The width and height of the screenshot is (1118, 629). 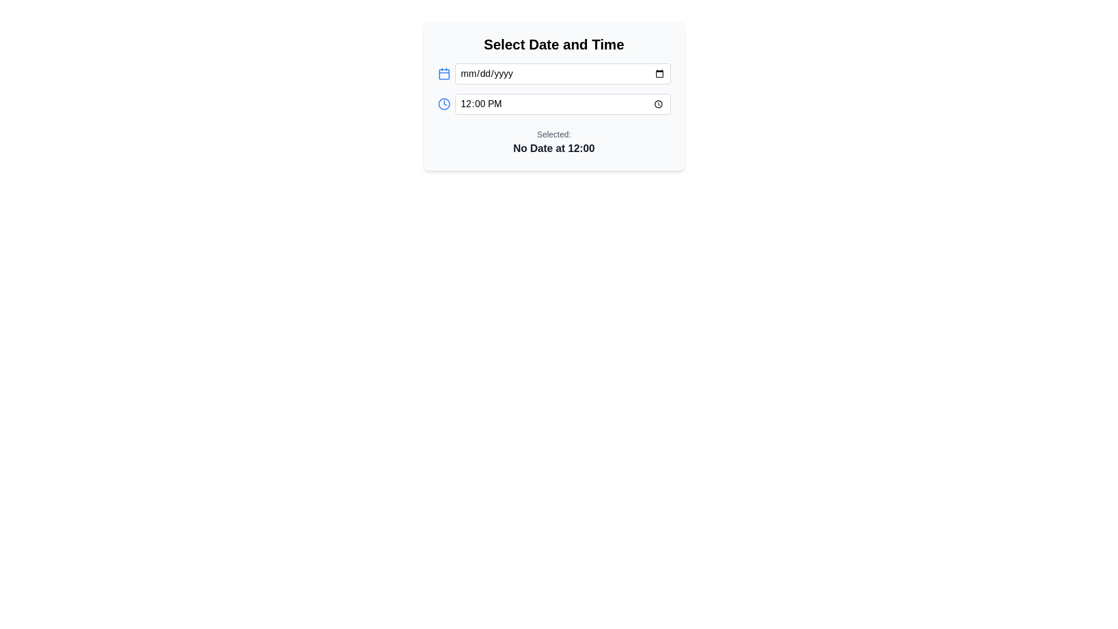 What do you see at coordinates (553, 147) in the screenshot?
I see `the static text element displaying 'No Date at 12:00', which is styled with a bold, larger font and located below the text 'Selected:' in the centered card UI labeled 'Select Date and Time'` at bounding box center [553, 147].